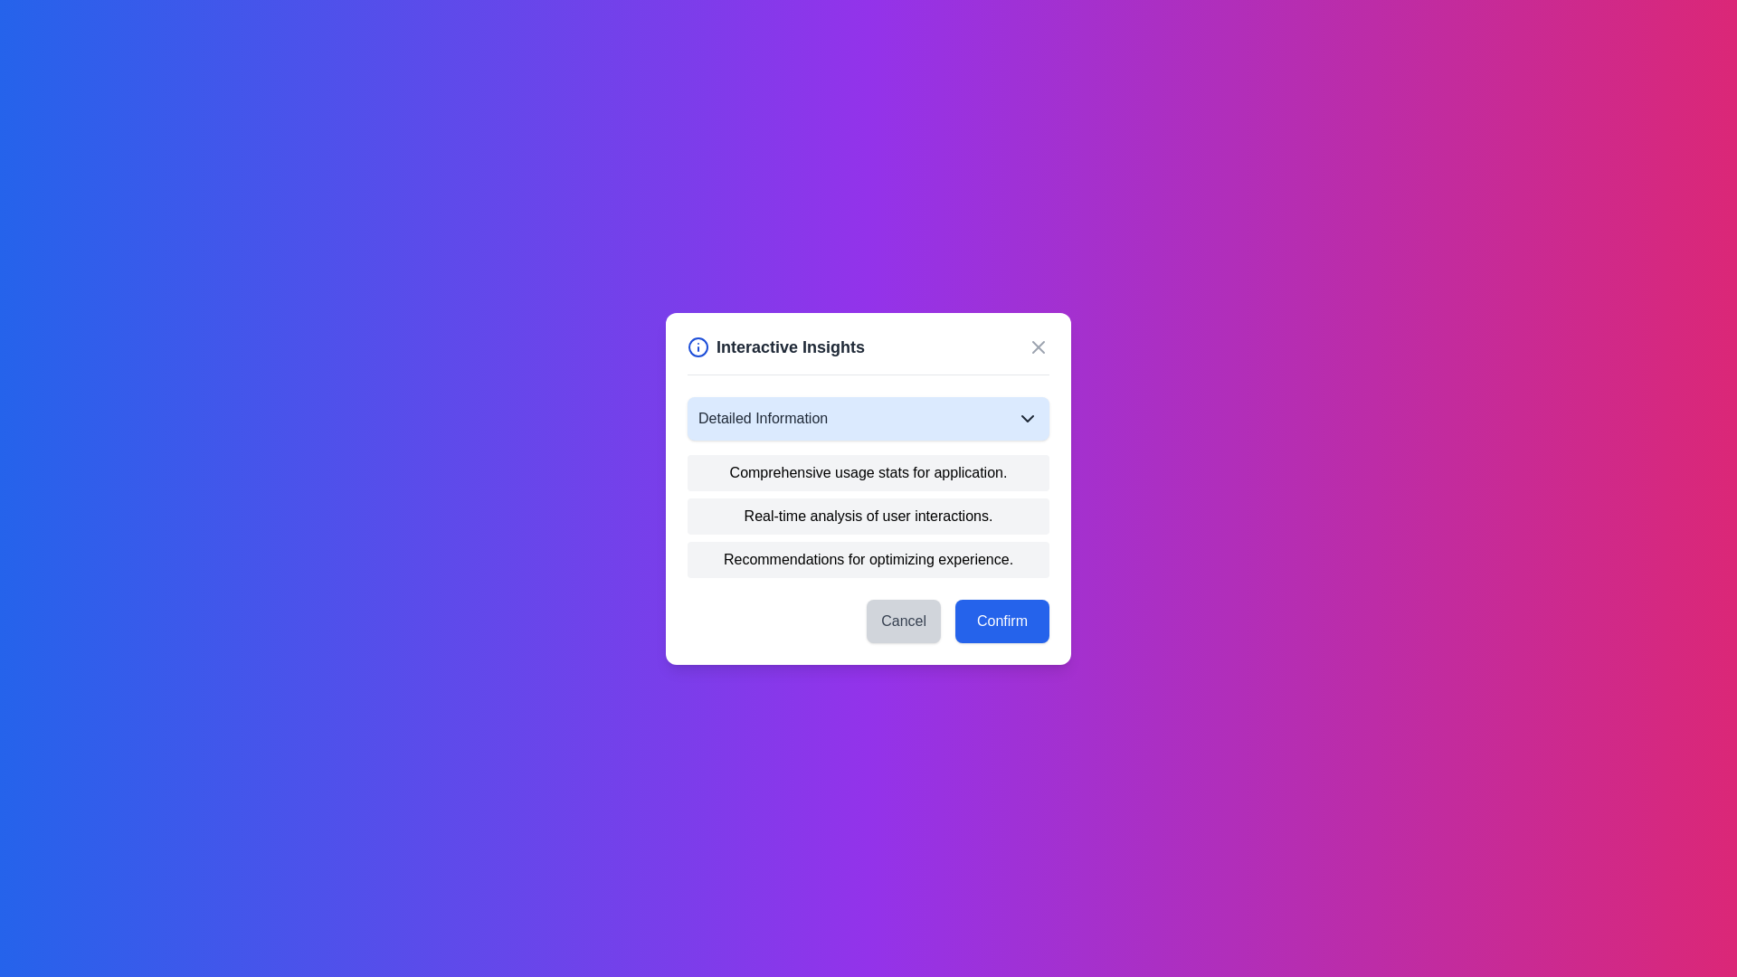  What do you see at coordinates (868, 557) in the screenshot?
I see `the third text block that displays a recommendation or suggestion, located below the items 'Comprehensive usage stats for application.' and 'Real-time analysis of user interactions.'` at bounding box center [868, 557].